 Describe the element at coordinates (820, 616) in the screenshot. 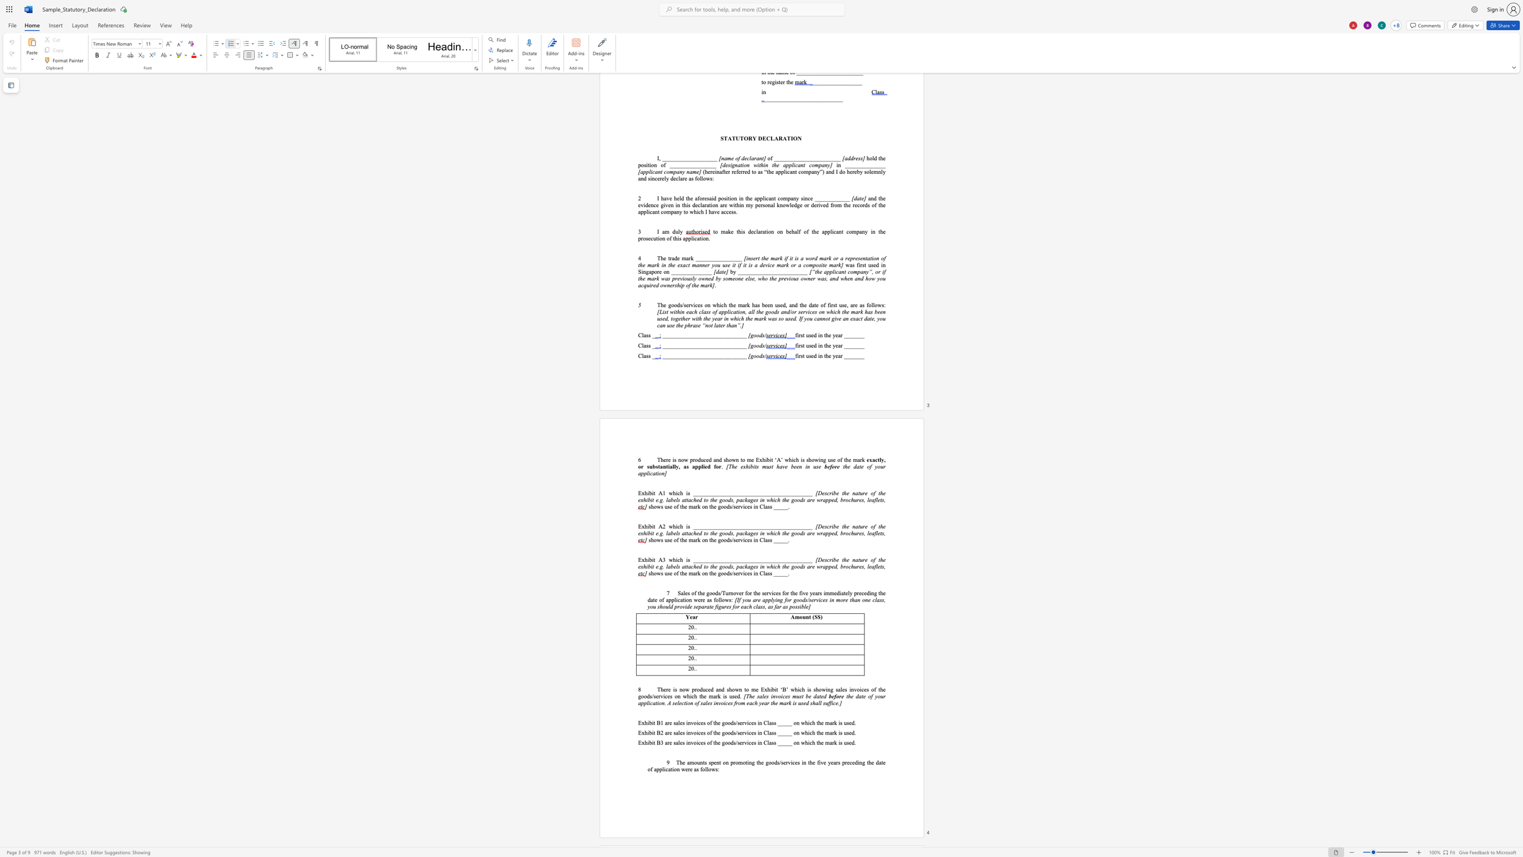

I see `the space between the continuous character "$" and ")" in the text` at that location.